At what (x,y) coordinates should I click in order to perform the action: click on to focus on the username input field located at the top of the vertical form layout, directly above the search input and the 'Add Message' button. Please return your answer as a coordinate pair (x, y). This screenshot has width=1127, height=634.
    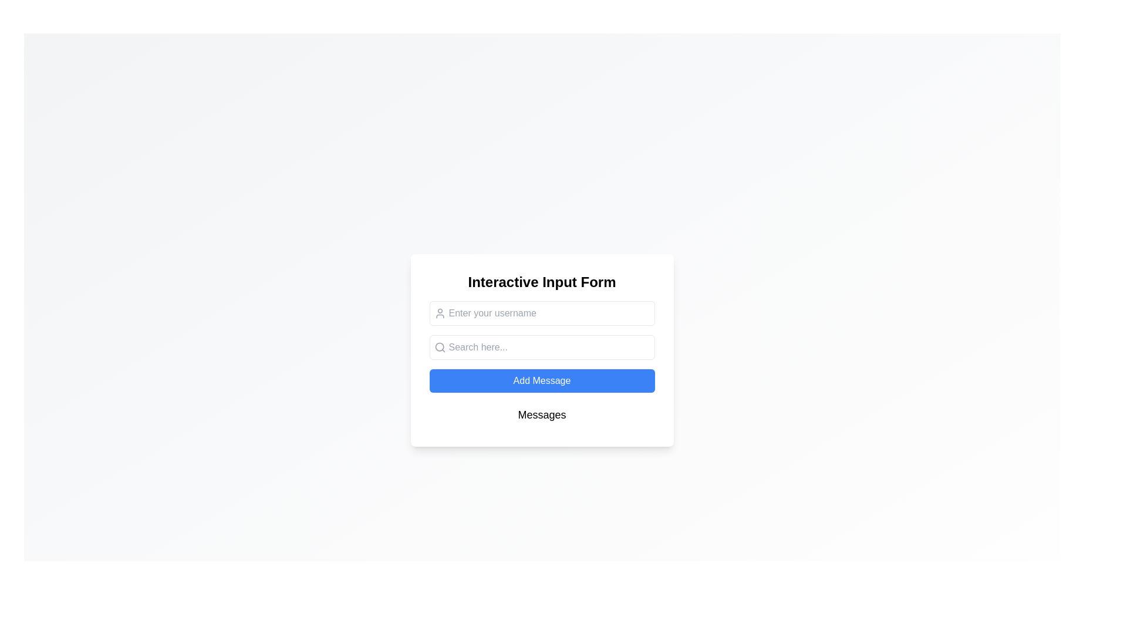
    Looking at the image, I should click on (541, 312).